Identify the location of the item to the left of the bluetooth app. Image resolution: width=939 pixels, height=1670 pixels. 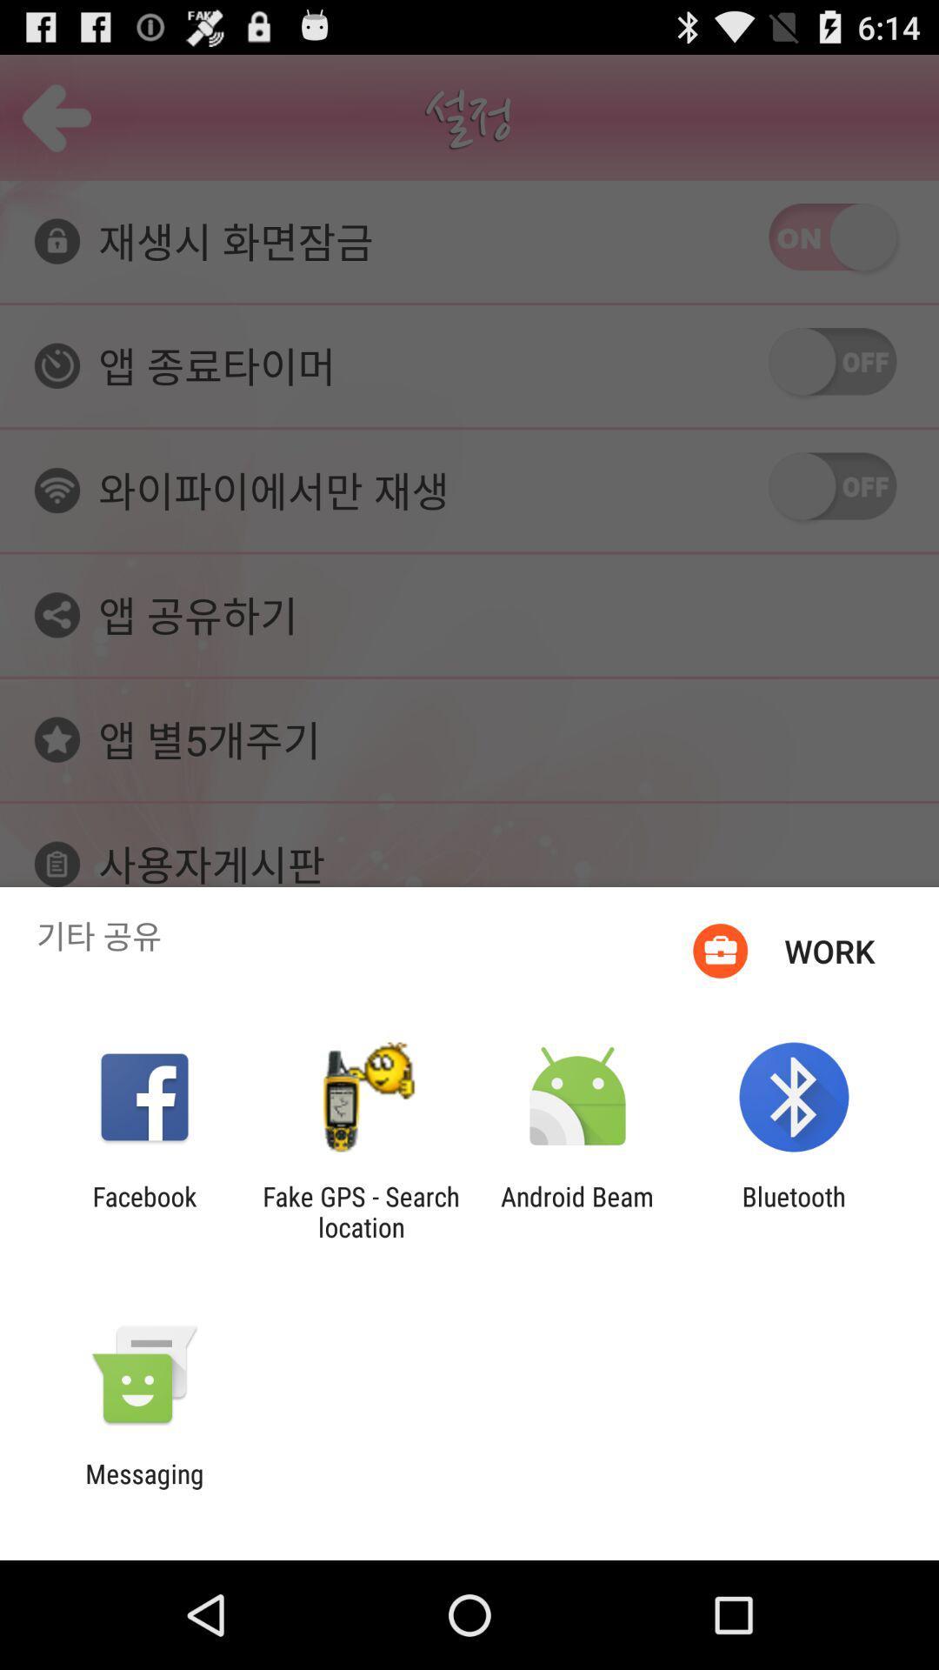
(577, 1211).